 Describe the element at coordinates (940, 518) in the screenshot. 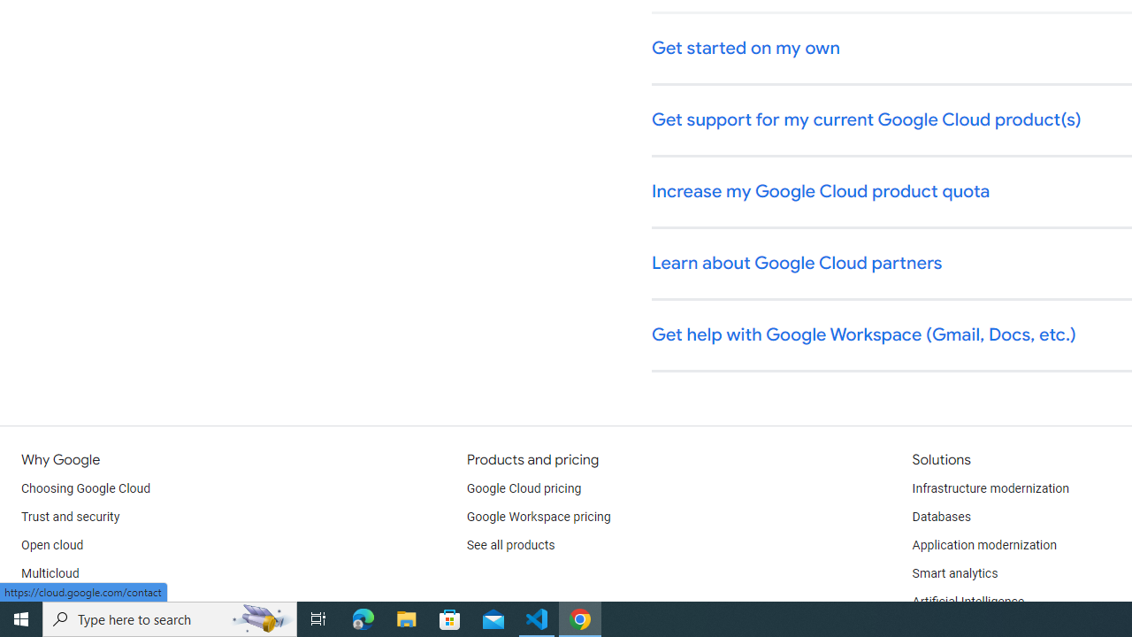

I see `'Databases'` at that location.